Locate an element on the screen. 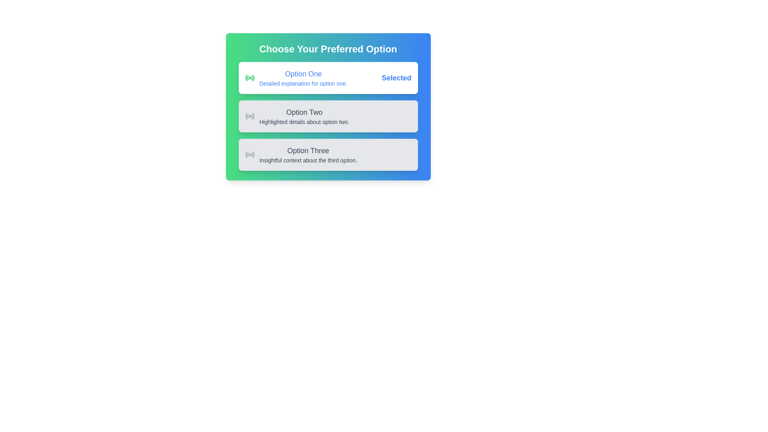  descriptive text label located beneath the 'Option Three' sibling text in the card layout, which provides additional information about the third option available for selection is located at coordinates (308, 160).